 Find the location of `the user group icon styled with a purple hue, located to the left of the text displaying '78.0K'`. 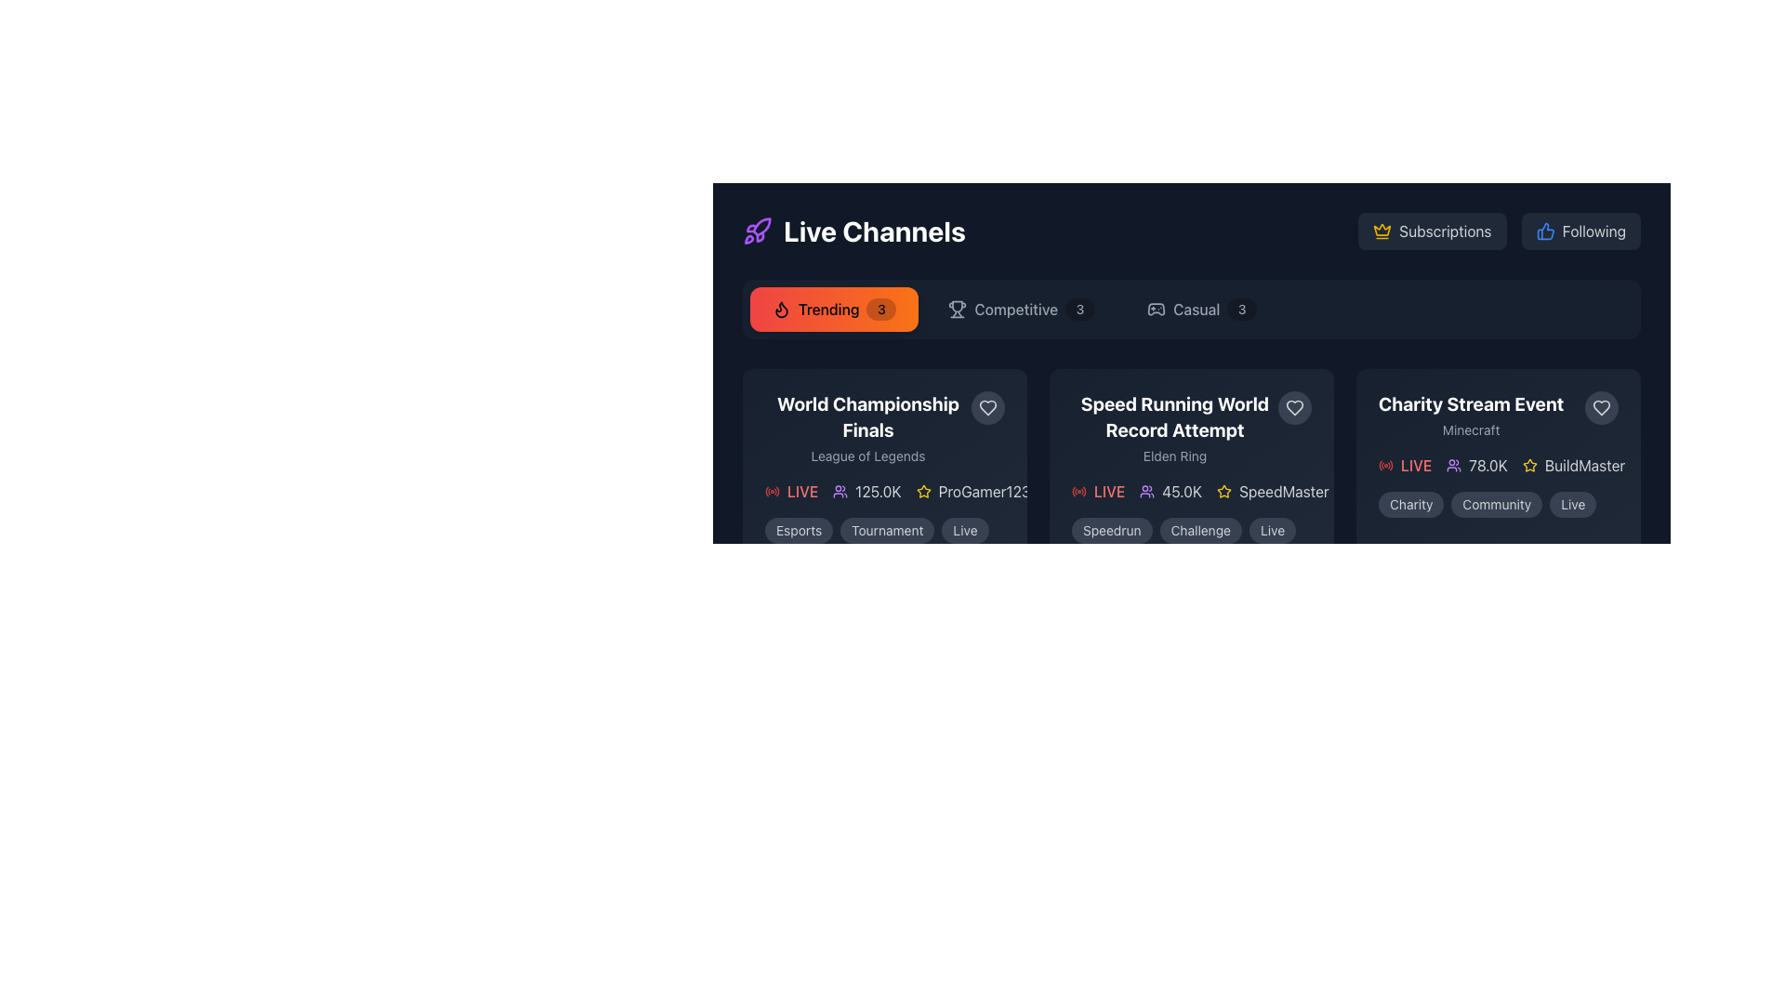

the user group icon styled with a purple hue, located to the left of the text displaying '78.0K' is located at coordinates (1453, 465).